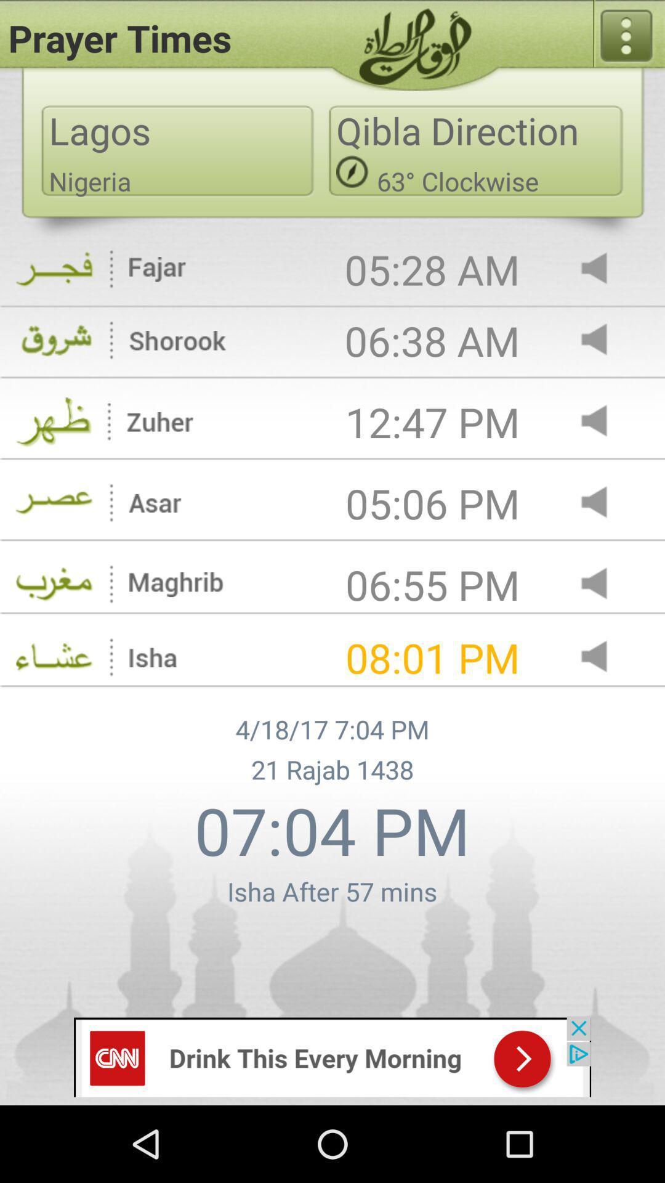  Describe the element at coordinates (155, 503) in the screenshot. I see `the text which is to the left side of the 0506 pm` at that location.